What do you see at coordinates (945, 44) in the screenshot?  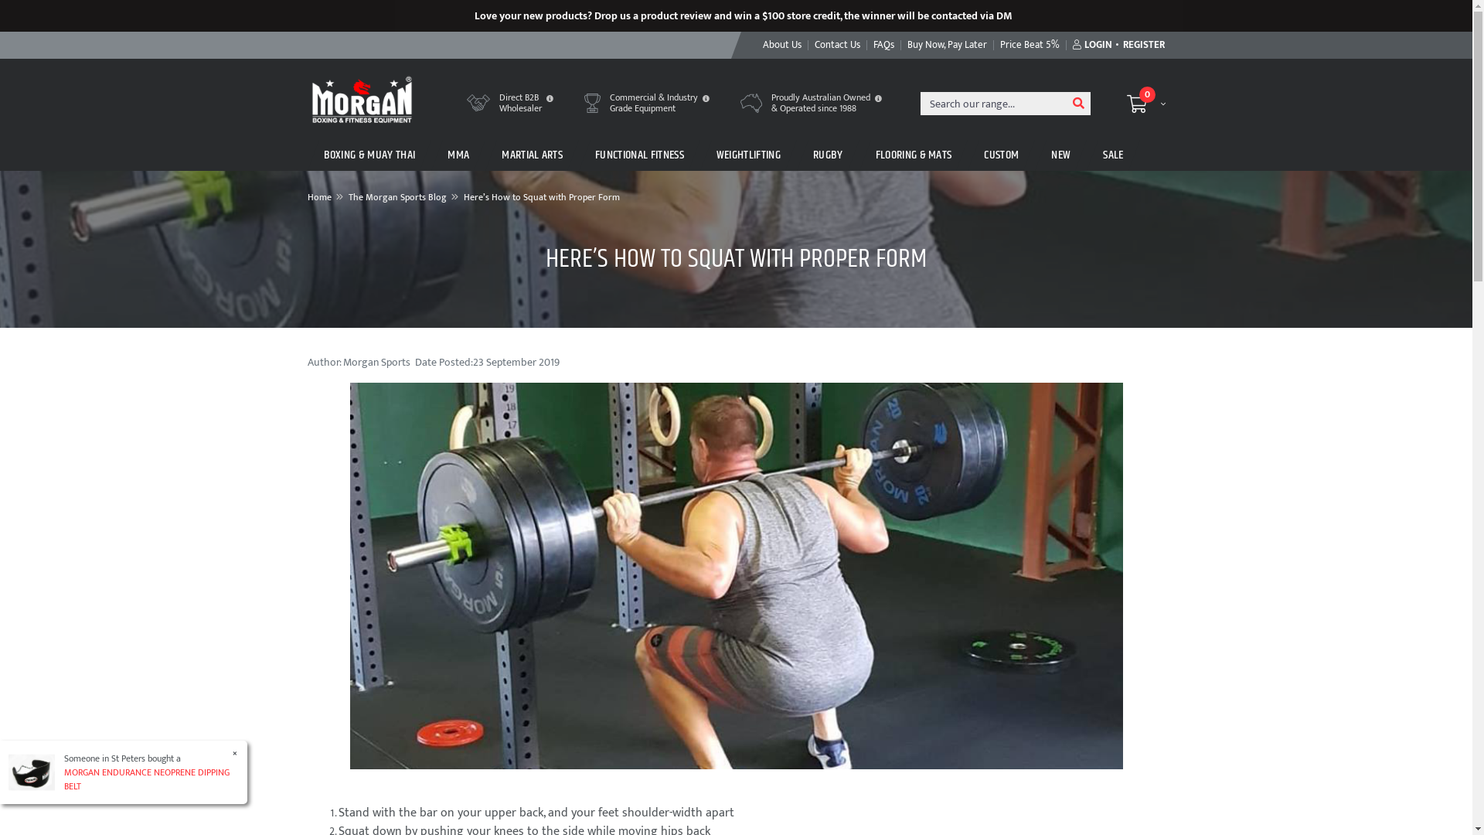 I see `'Buy Now, Pay Later'` at bounding box center [945, 44].